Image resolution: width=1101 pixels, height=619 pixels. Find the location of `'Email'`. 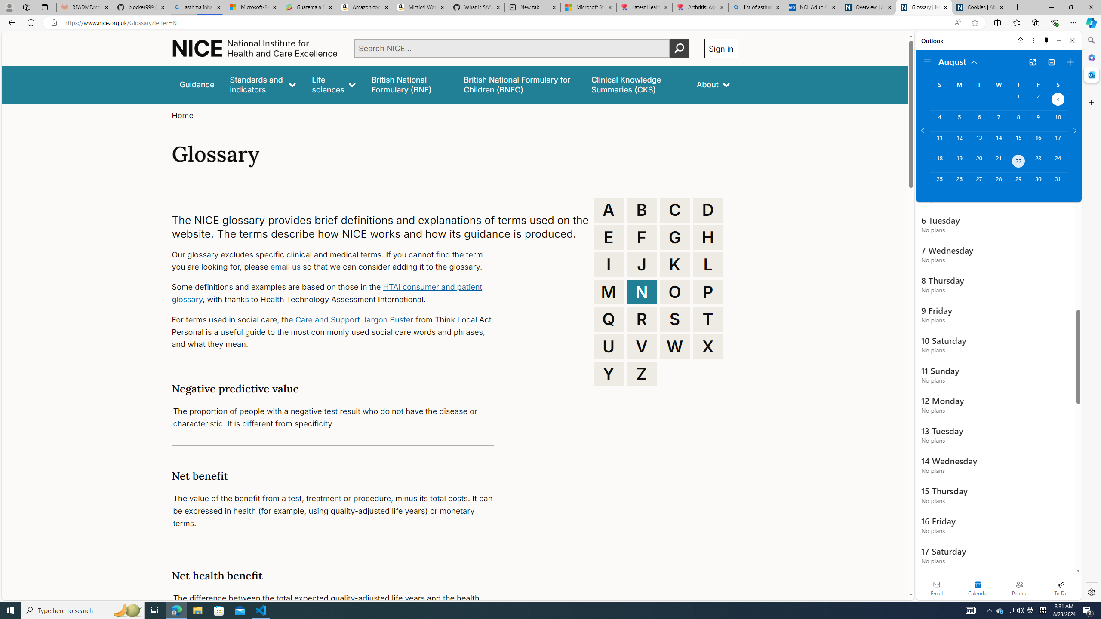

'Email' is located at coordinates (936, 588).